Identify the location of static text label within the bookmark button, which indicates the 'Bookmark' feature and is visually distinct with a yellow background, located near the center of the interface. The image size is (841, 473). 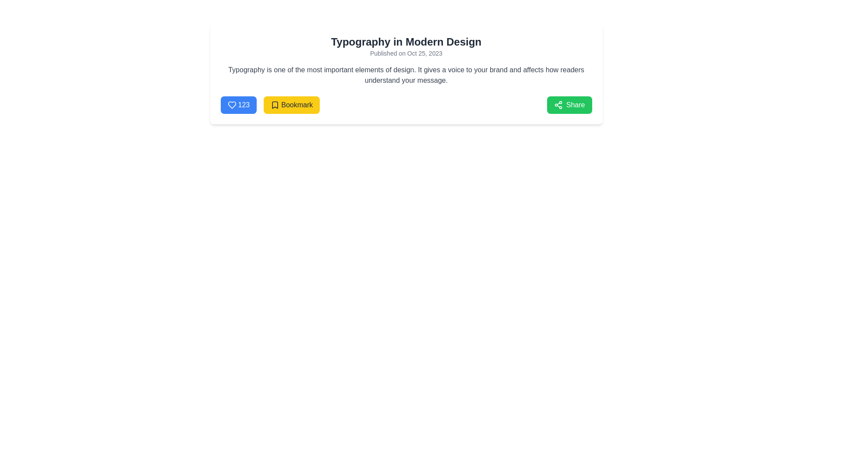
(297, 104).